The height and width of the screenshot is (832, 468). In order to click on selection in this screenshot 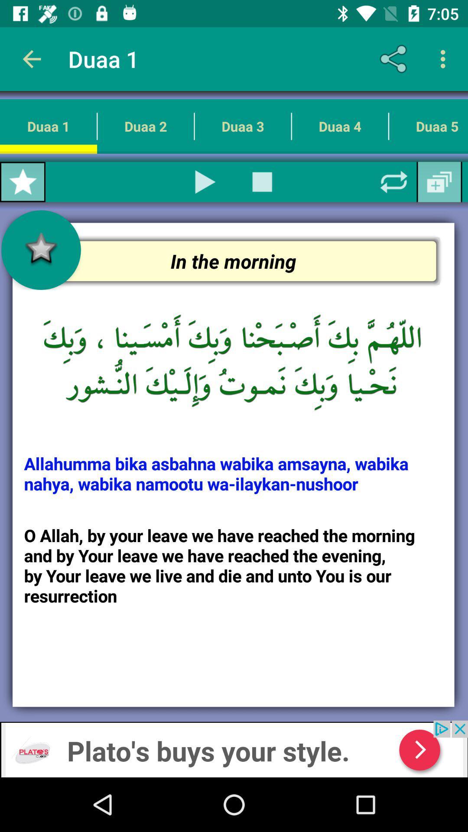, I will do `click(205, 182)`.